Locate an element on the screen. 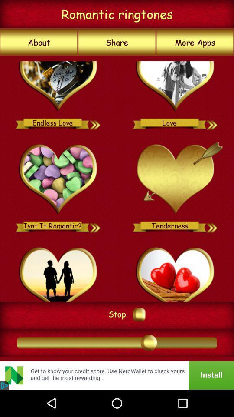 Image resolution: width=234 pixels, height=417 pixels. the icon below the about button is located at coordinates (117, 178).